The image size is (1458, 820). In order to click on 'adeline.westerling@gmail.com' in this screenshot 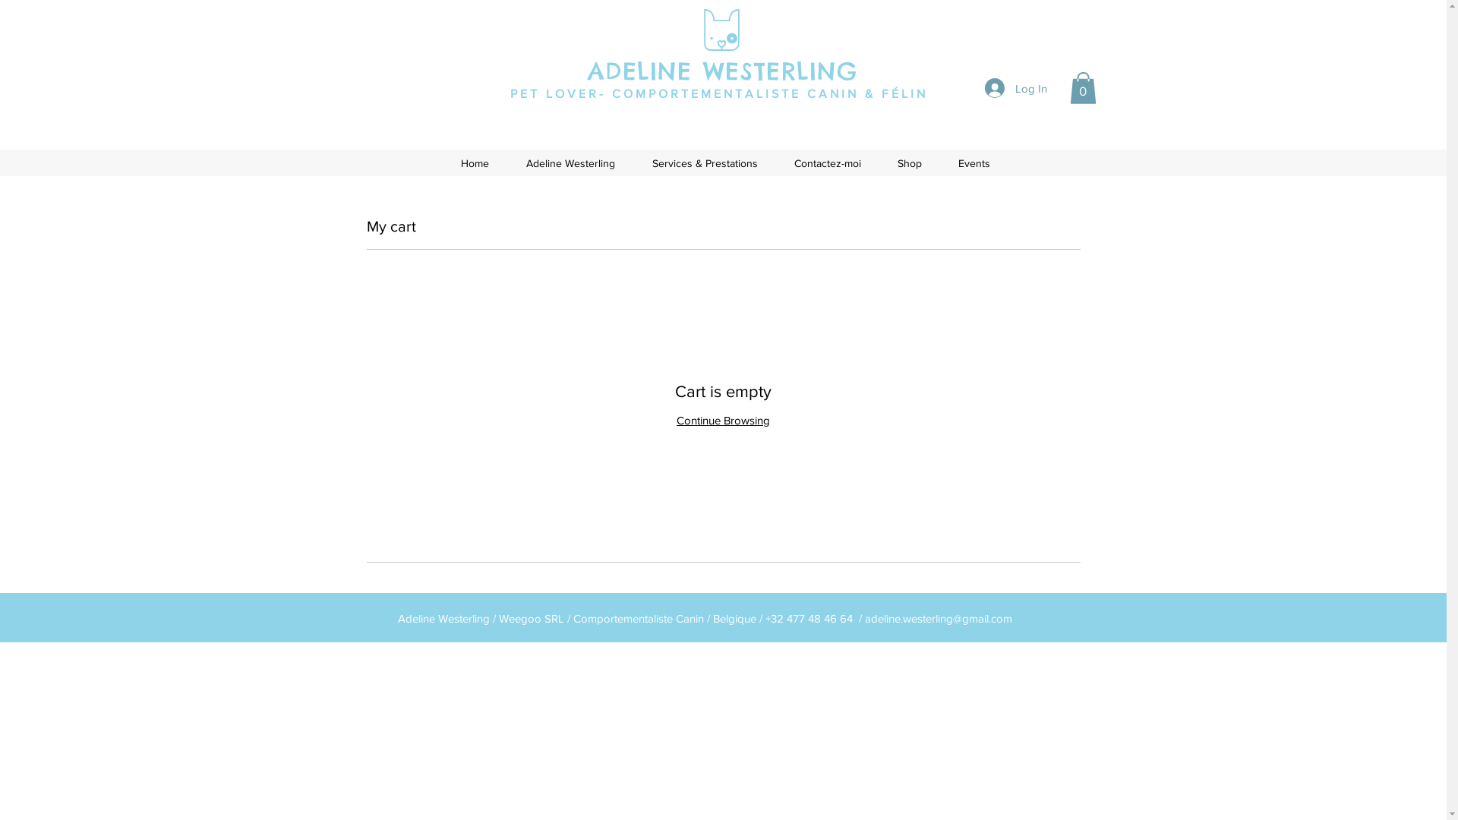, I will do `click(936, 618)`.